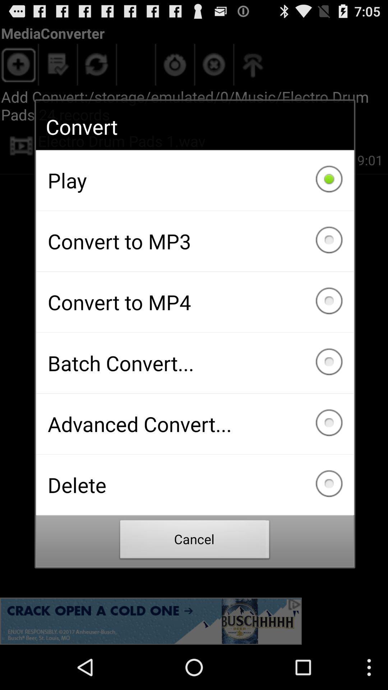  What do you see at coordinates (195, 541) in the screenshot?
I see `the icon below delete` at bounding box center [195, 541].